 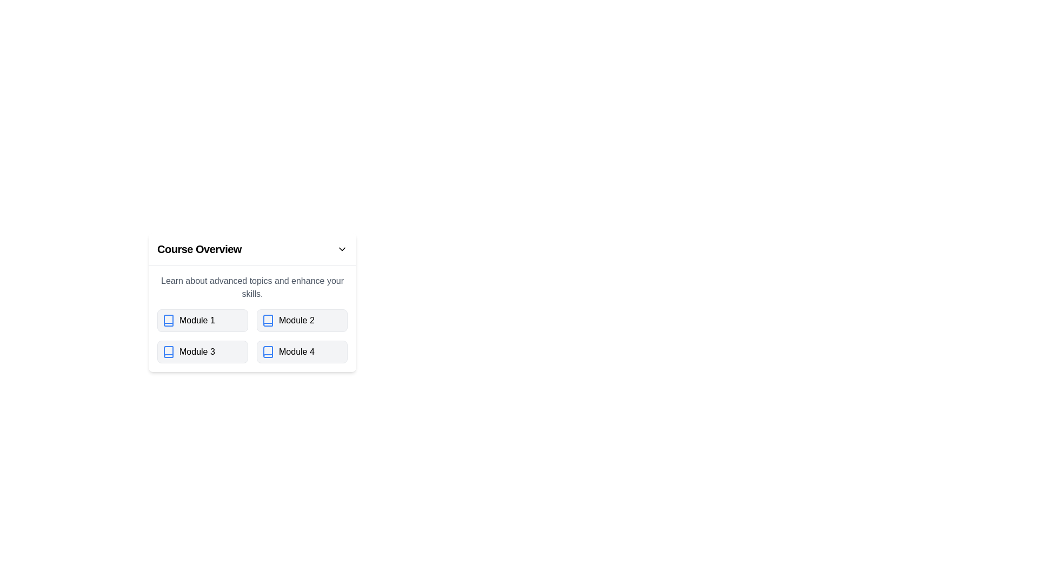 What do you see at coordinates (268, 352) in the screenshot?
I see `the open book icon representing the educational materials in the 'Module 4' area located beneath the 'Course Overview' section` at bounding box center [268, 352].